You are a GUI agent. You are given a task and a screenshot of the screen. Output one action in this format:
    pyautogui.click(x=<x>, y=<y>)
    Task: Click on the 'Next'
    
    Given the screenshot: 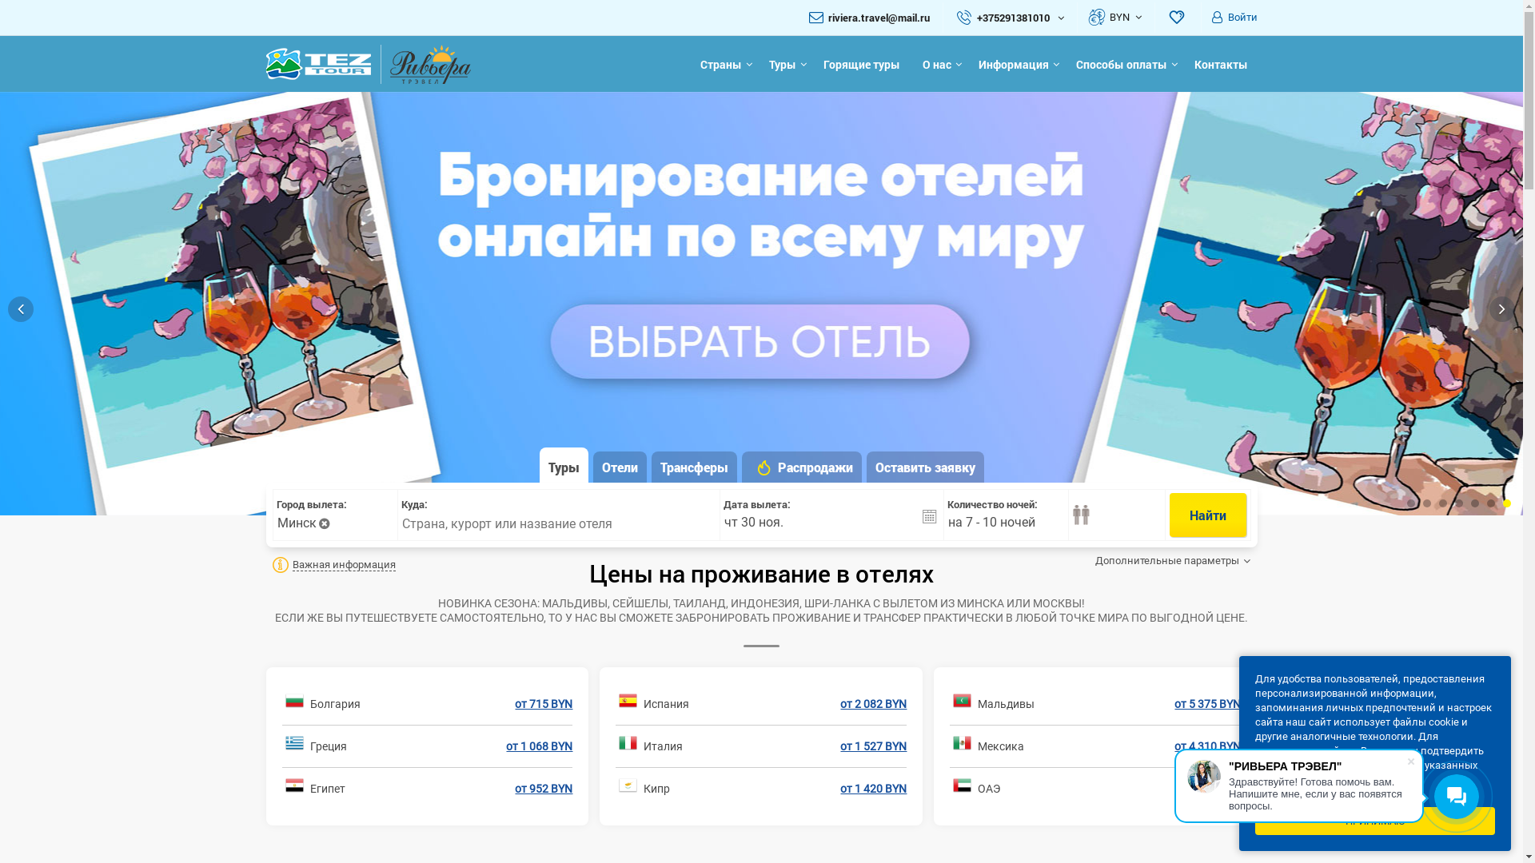 What is the action you would take?
    pyautogui.click(x=1501, y=308)
    